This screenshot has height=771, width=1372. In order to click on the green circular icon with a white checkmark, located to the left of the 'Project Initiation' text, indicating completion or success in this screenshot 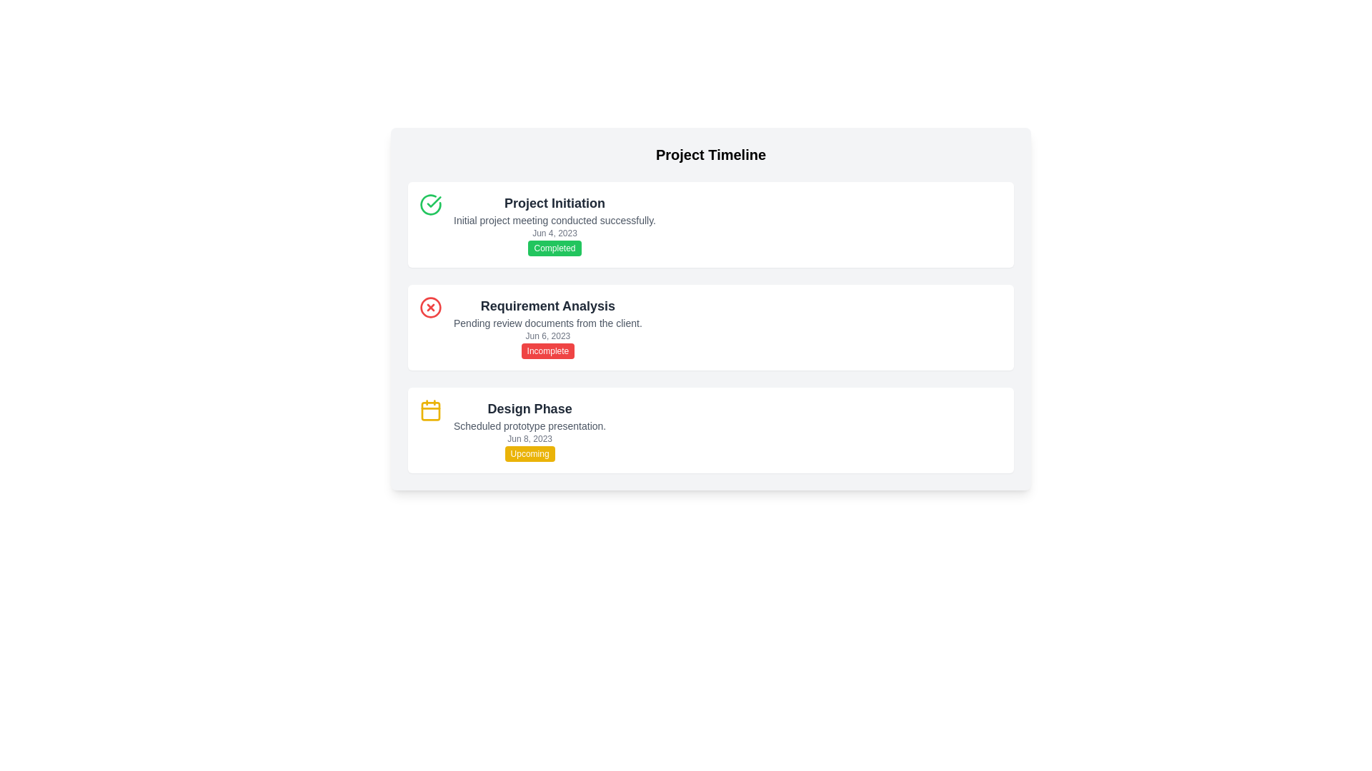, I will do `click(430, 204)`.